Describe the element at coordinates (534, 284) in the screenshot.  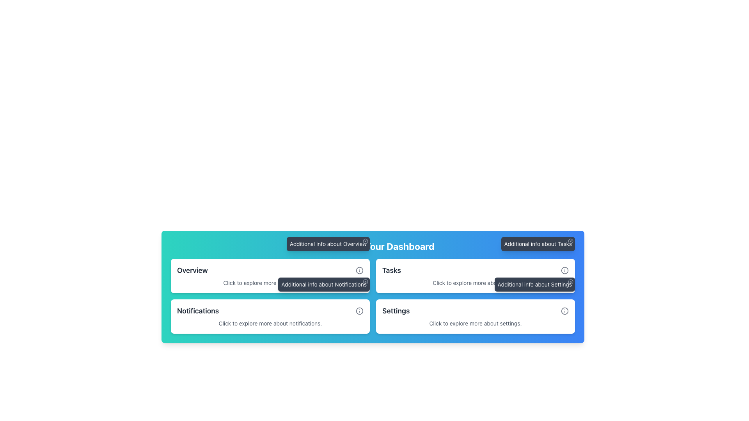
I see `the 'X' icon` at that location.